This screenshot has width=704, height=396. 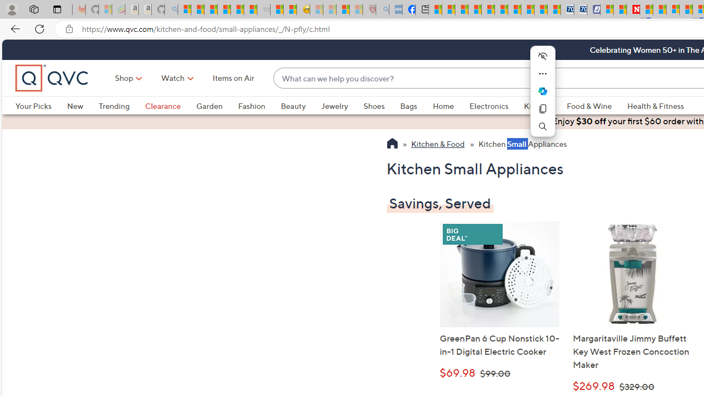 What do you see at coordinates (114, 106) in the screenshot?
I see `'Trending'` at bounding box center [114, 106].